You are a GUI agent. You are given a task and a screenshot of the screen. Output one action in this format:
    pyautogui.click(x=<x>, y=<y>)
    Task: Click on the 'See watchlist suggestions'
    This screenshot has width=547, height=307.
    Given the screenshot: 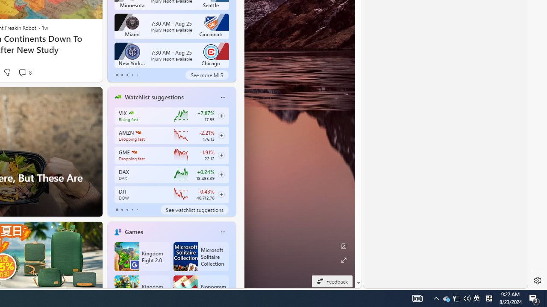 What is the action you would take?
    pyautogui.click(x=194, y=210)
    